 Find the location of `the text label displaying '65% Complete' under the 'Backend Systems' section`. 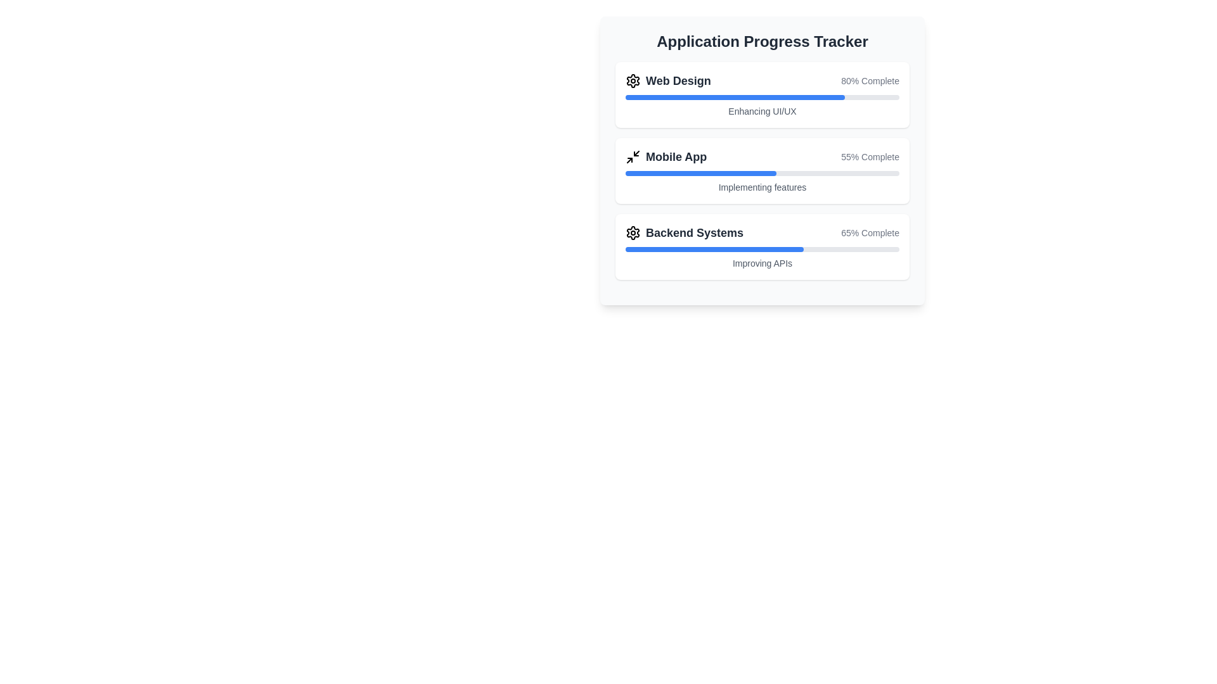

the text label displaying '65% Complete' under the 'Backend Systems' section is located at coordinates (869, 232).